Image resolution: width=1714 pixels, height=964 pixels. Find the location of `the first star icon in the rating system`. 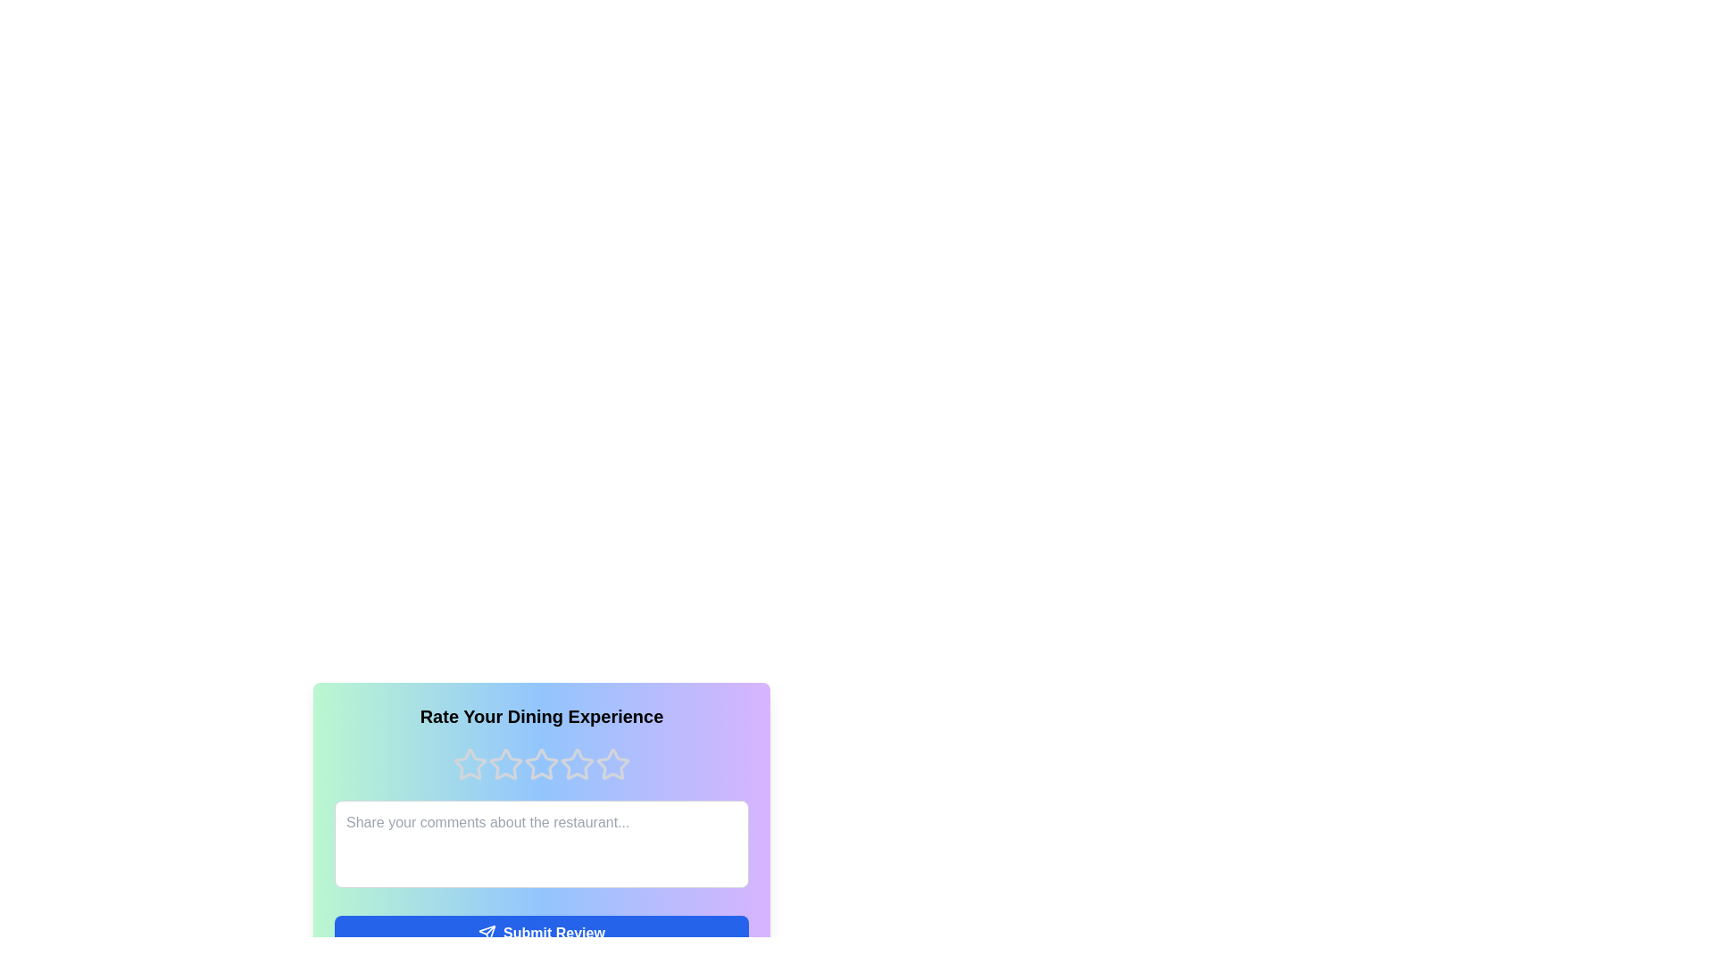

the first star icon in the rating system is located at coordinates (470, 763).